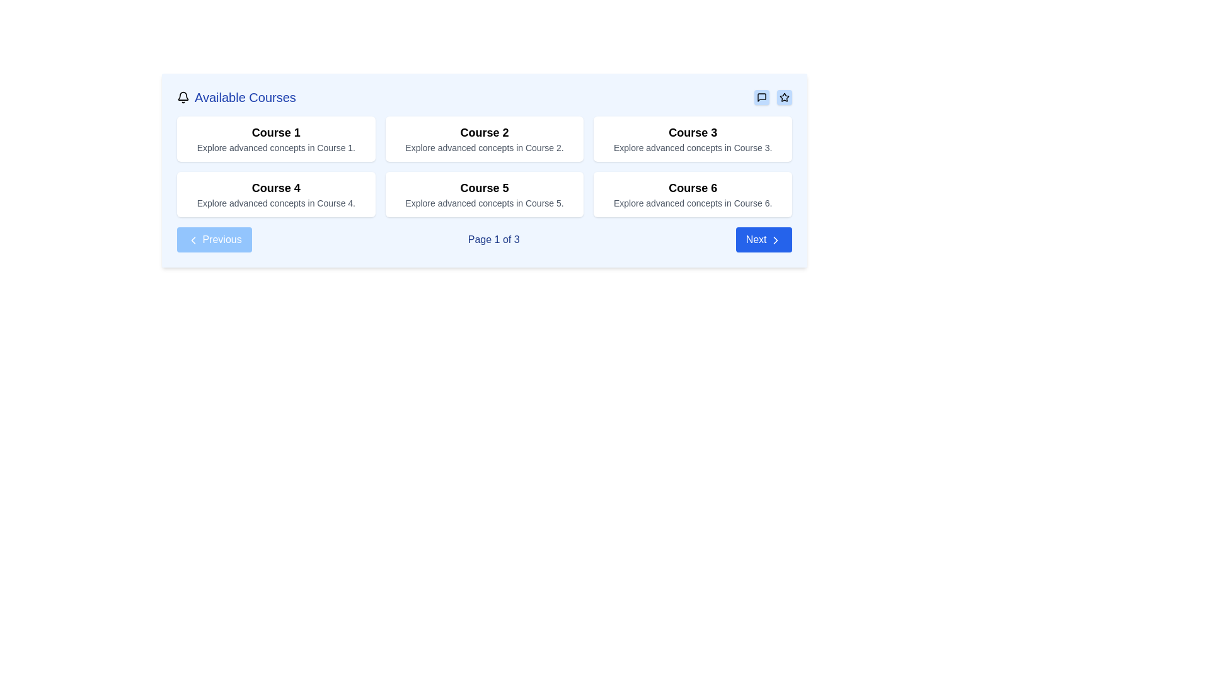 The width and height of the screenshot is (1210, 680). What do you see at coordinates (761, 96) in the screenshot?
I see `the chat or speech bubble icon with a blue-tinted background located at the top-right corner of the main content card` at bounding box center [761, 96].